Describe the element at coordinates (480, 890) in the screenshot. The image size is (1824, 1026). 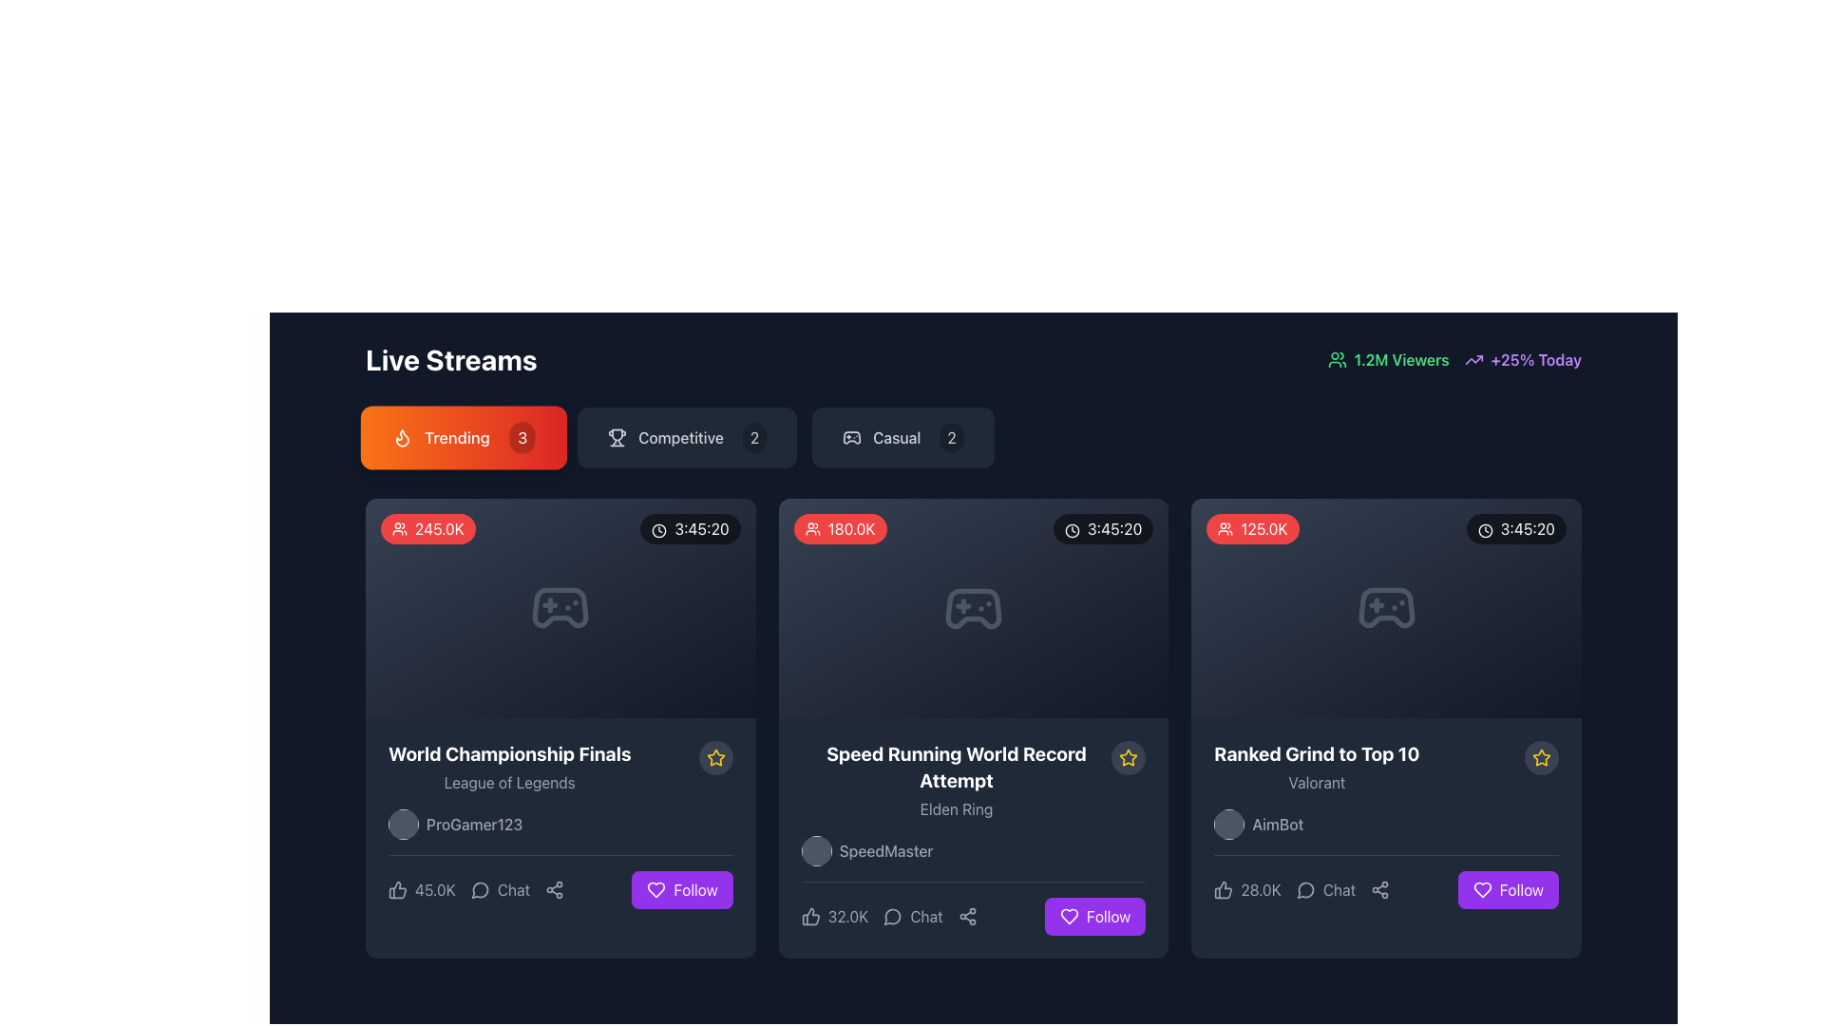
I see `the minimalistic line-art speech bubble icon in the 'Chat' section` at that location.